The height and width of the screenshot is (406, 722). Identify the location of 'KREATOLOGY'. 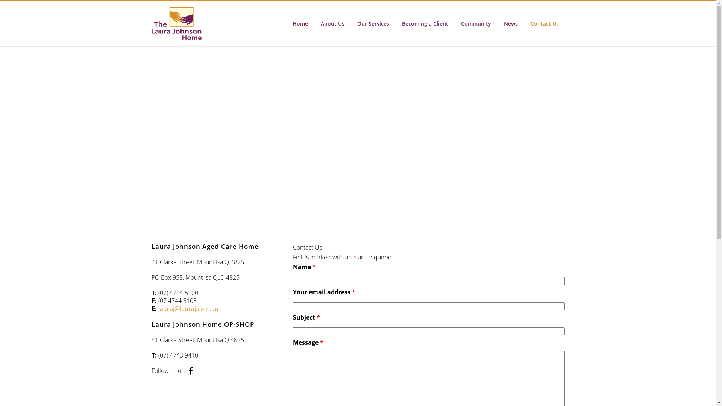
(413, 389).